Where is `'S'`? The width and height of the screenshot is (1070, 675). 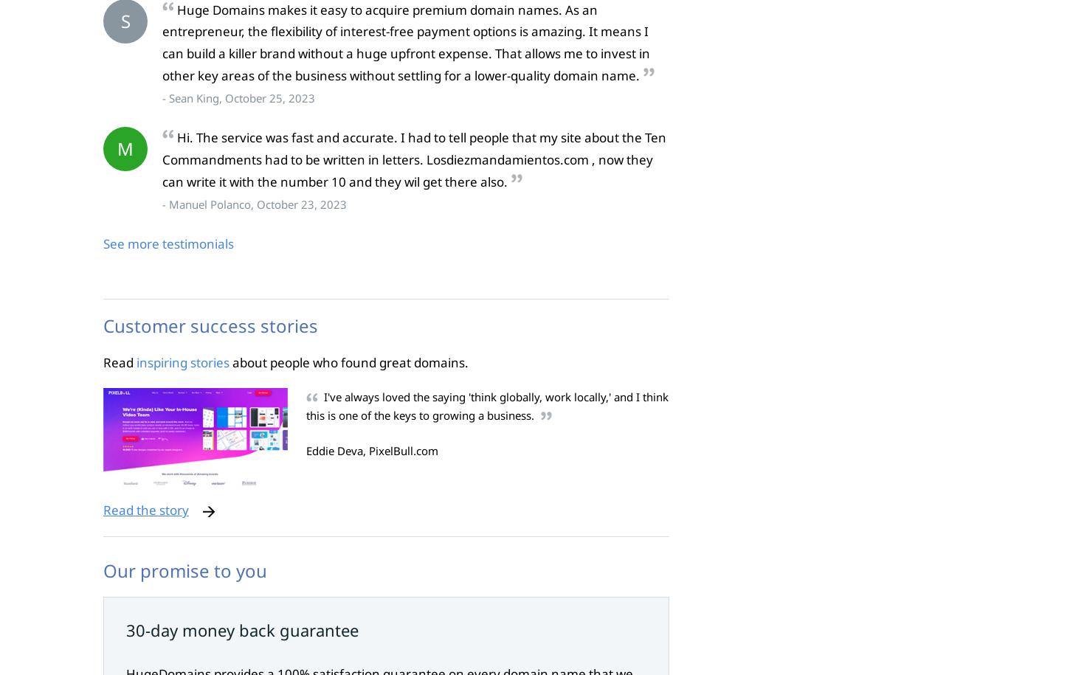
'S' is located at coordinates (124, 20).